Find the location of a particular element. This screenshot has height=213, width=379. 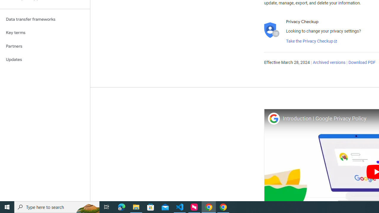

'Photo image of Google' is located at coordinates (273, 118).